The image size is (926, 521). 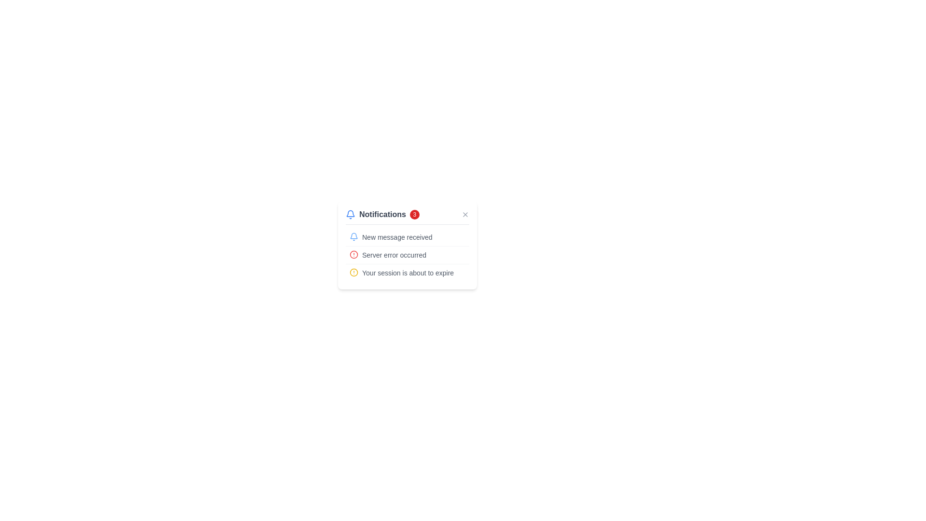 I want to click on the first item in the notification list, which contains a blue bell icon and the text 'New message received', to read the notification message, so click(x=407, y=237).